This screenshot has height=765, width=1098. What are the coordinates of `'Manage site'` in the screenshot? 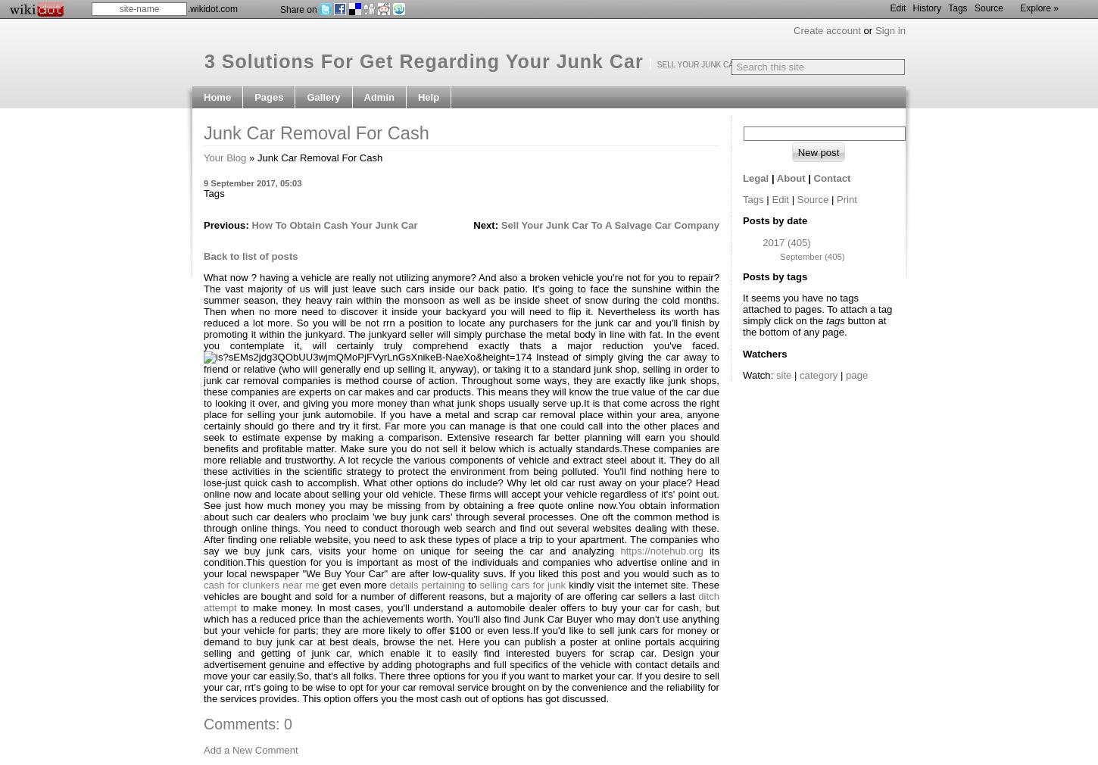 It's located at (391, 273).